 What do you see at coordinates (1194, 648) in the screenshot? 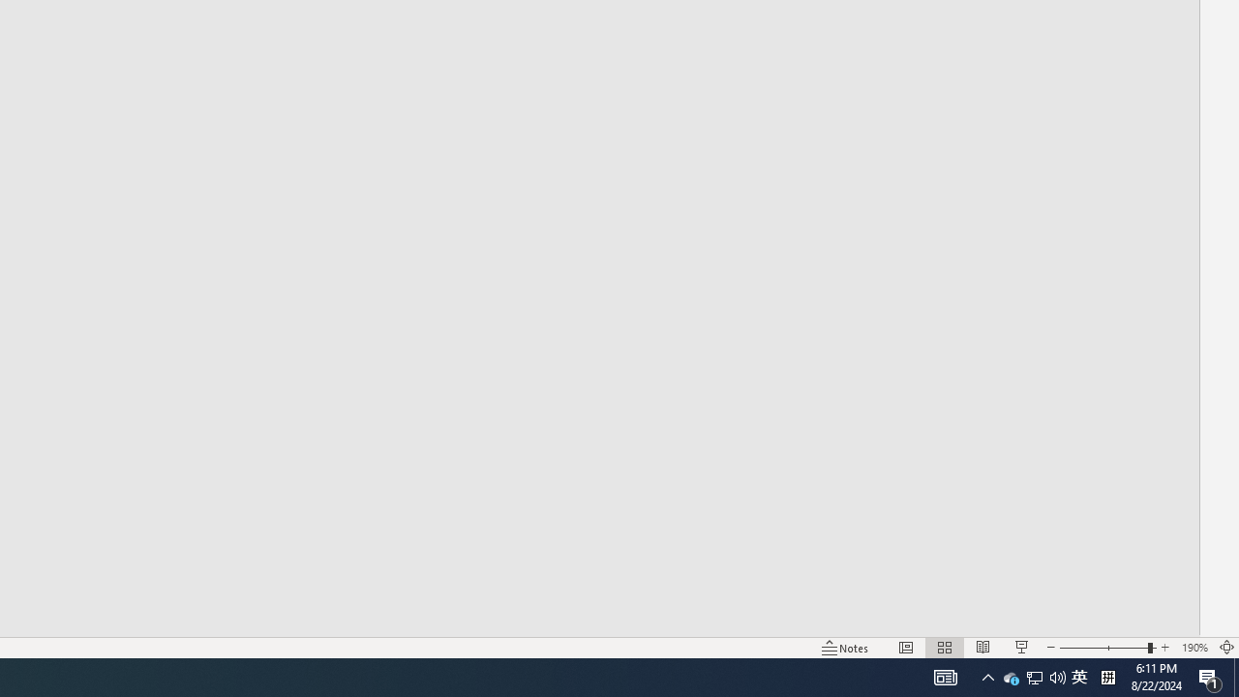
I see `'Zoom 190%'` at bounding box center [1194, 648].